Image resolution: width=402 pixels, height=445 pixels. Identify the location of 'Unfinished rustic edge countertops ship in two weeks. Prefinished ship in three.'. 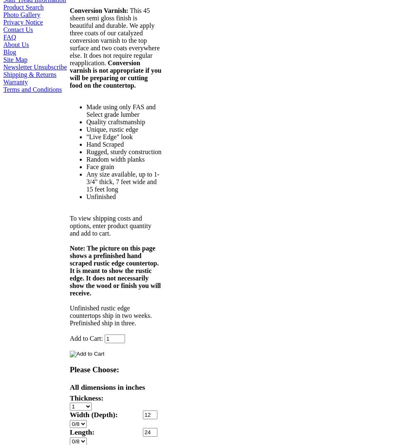
(110, 315).